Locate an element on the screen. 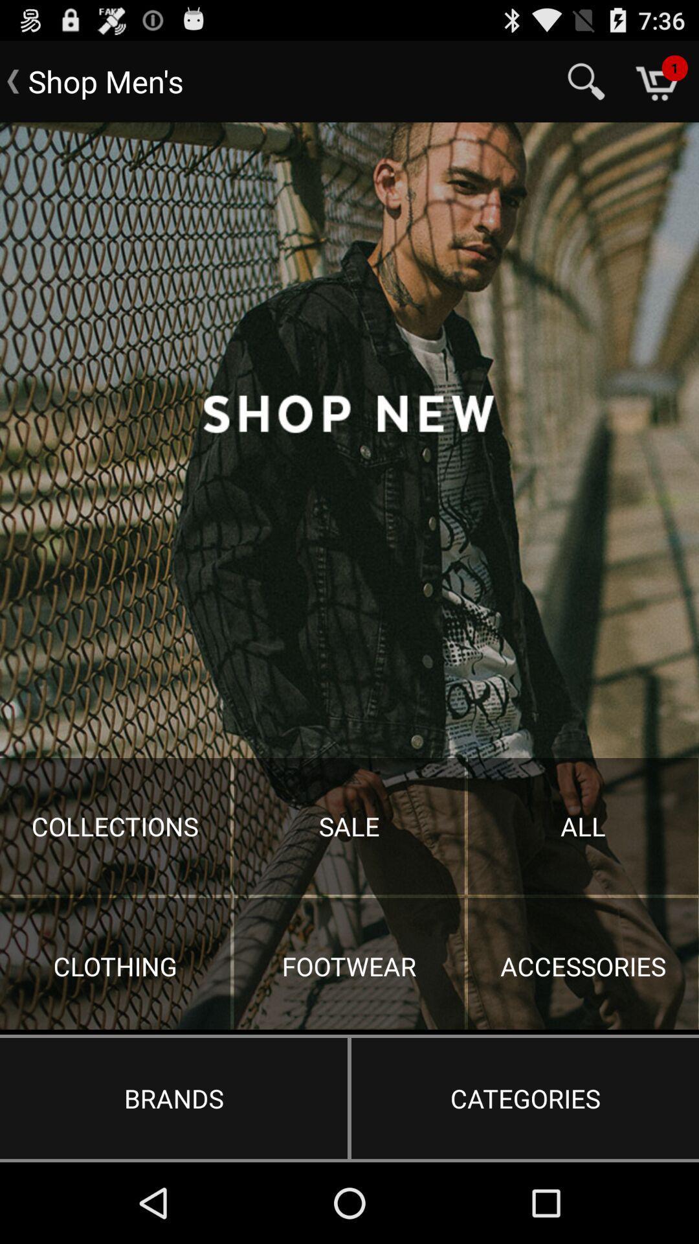 This screenshot has width=699, height=1244. the item to the right of shop men's app is located at coordinates (586, 80).